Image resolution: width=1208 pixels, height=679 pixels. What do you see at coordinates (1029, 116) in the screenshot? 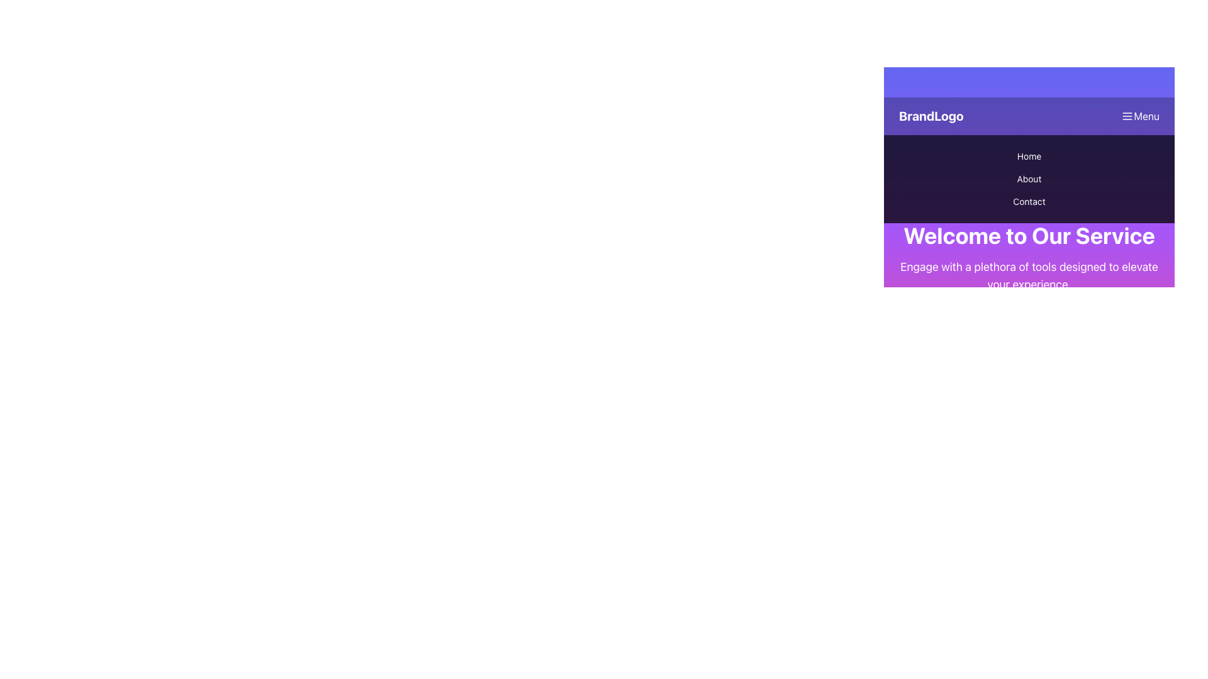
I see `the top navigation bar containing the 'BrandLogo' on the left and 'Menu' on the right` at bounding box center [1029, 116].